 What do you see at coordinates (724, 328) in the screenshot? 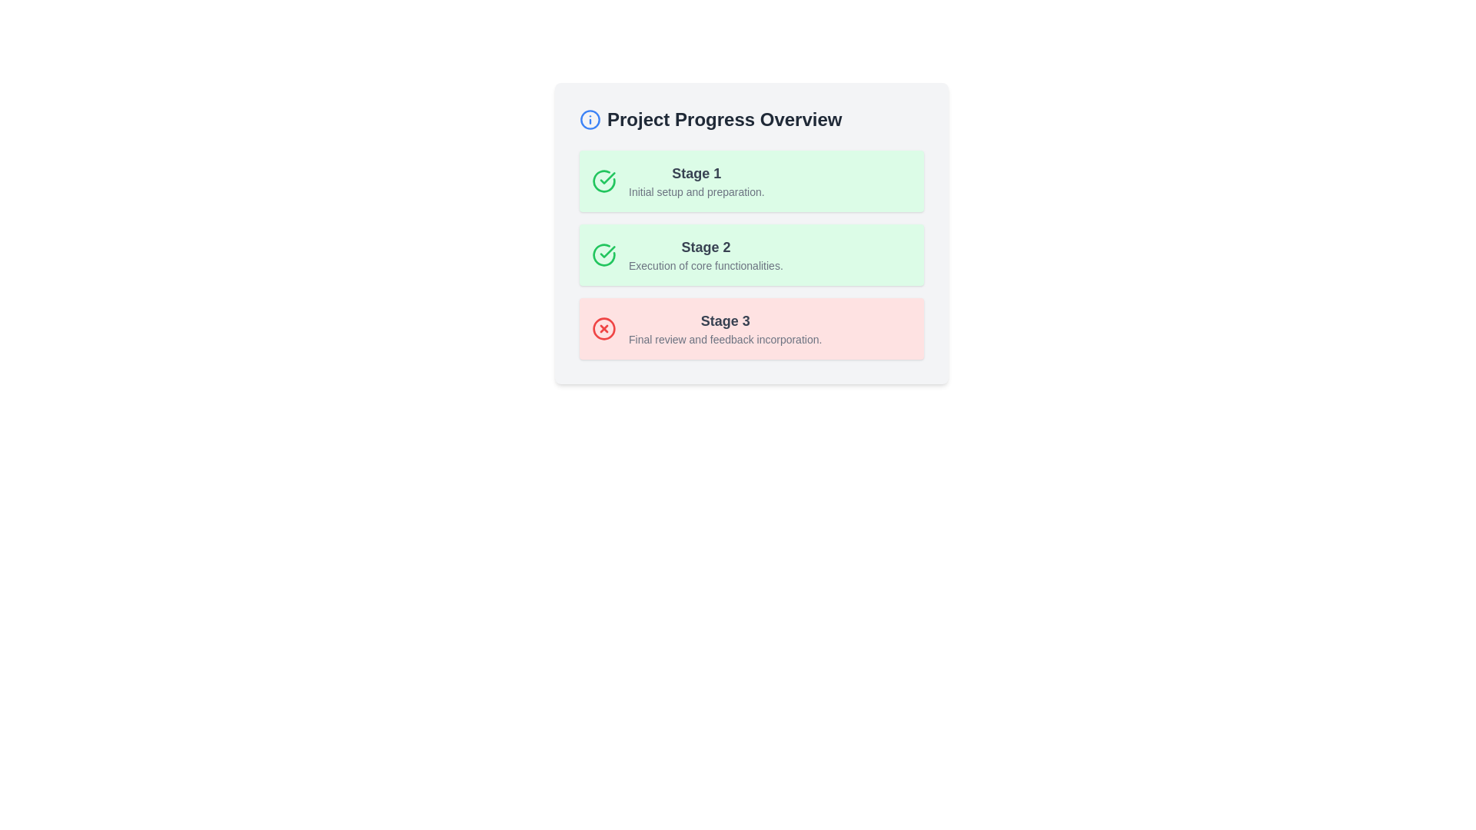
I see `the Label that conveys information about the third stage of the project, located below 'Stage 2' and distinguished by a red circular icon beside the text` at bounding box center [724, 328].